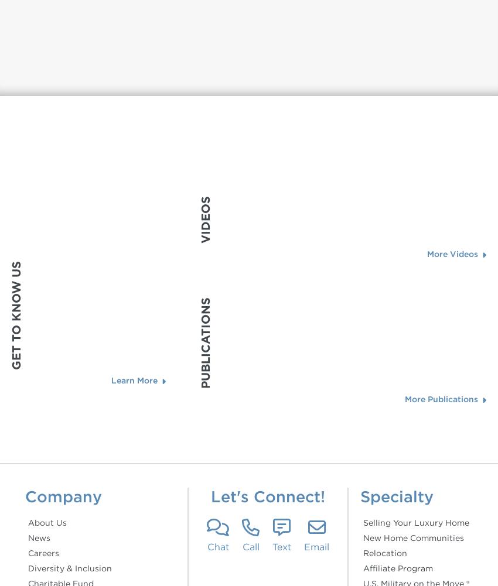 The image size is (498, 586). Describe the element at coordinates (198, 342) in the screenshot. I see `'Publications'` at that location.